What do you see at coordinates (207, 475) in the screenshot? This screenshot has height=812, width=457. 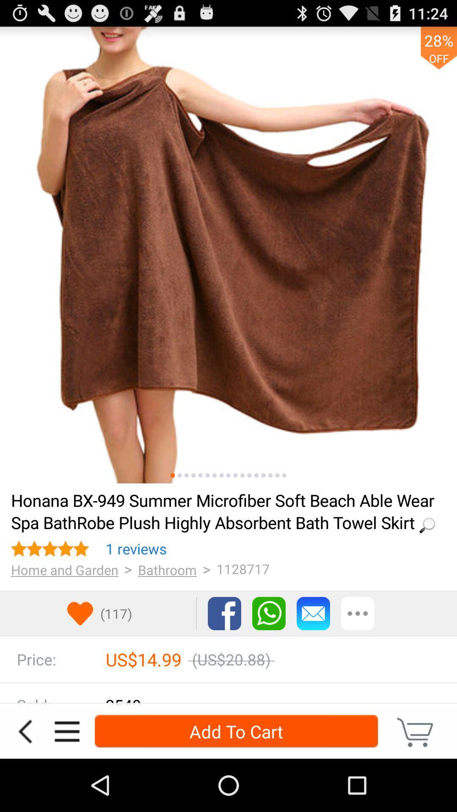 I see `choose another photo` at bounding box center [207, 475].